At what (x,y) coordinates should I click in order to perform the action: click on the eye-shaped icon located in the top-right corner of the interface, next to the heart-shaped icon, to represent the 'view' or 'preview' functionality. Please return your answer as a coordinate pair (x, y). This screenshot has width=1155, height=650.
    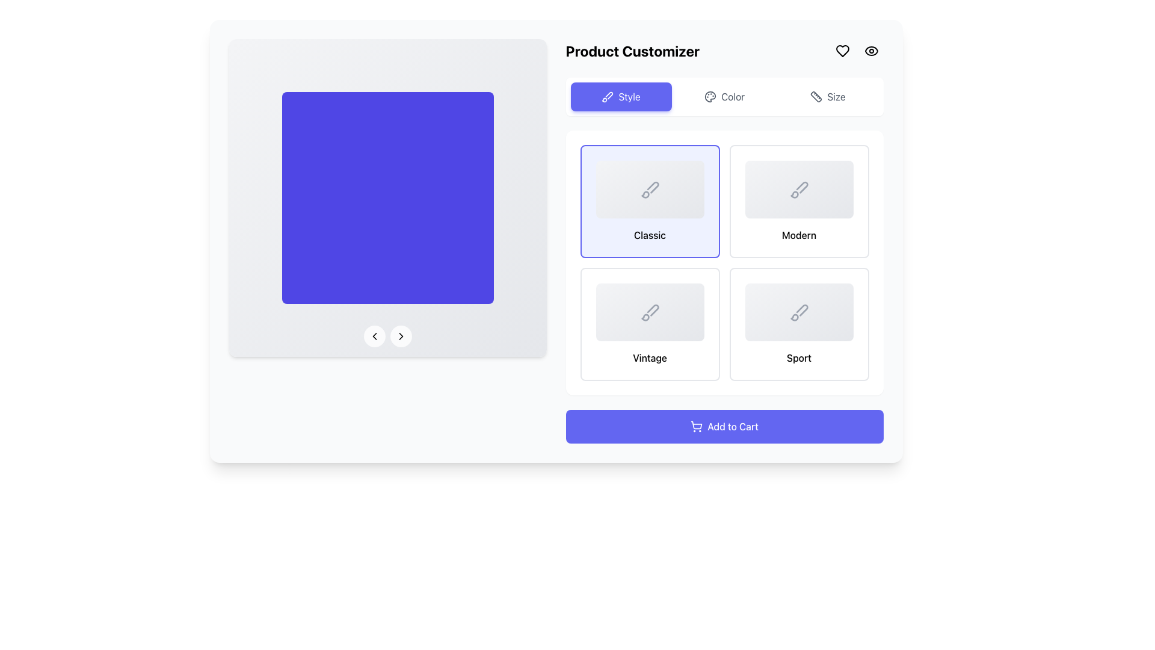
    Looking at the image, I should click on (871, 50).